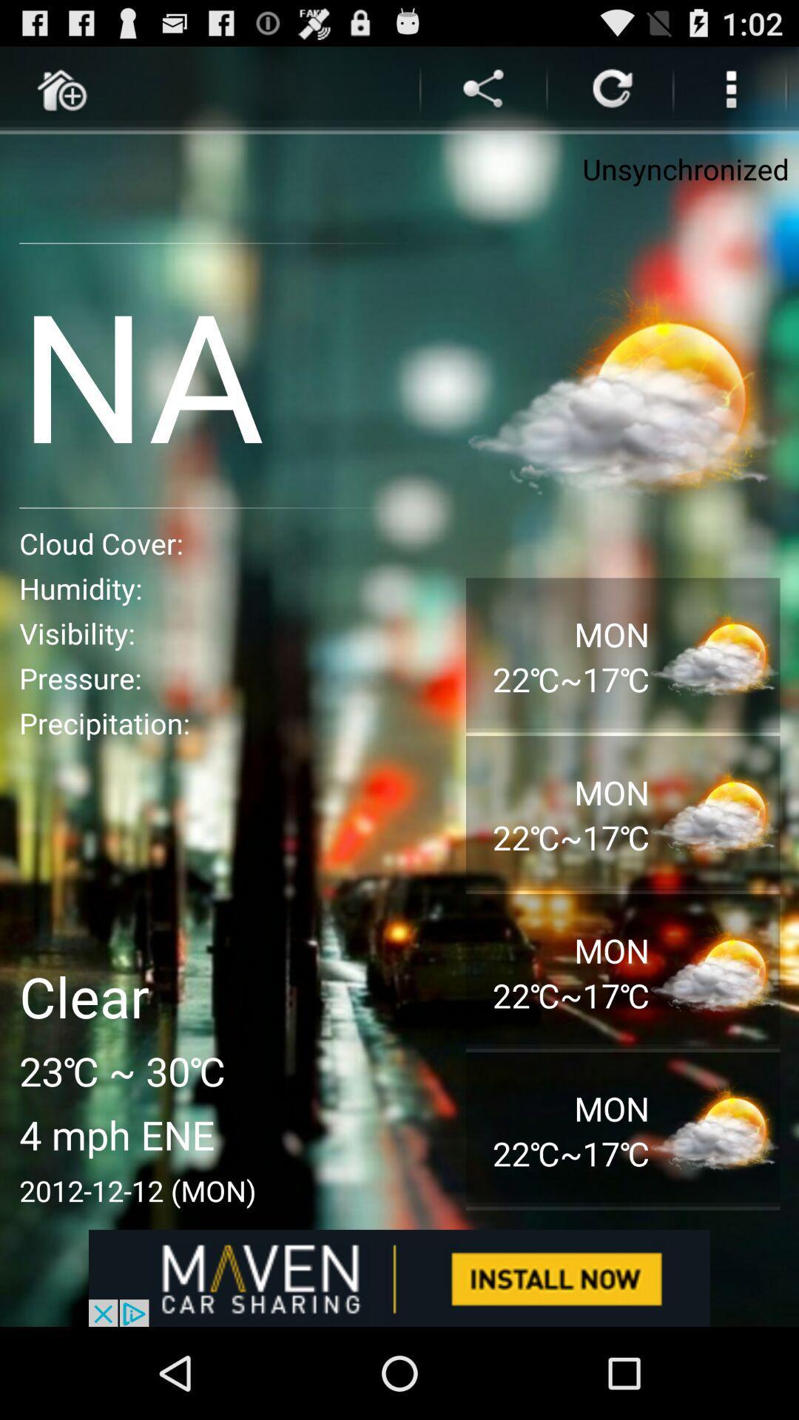  What do you see at coordinates (729, 95) in the screenshot?
I see `the more icon` at bounding box center [729, 95].